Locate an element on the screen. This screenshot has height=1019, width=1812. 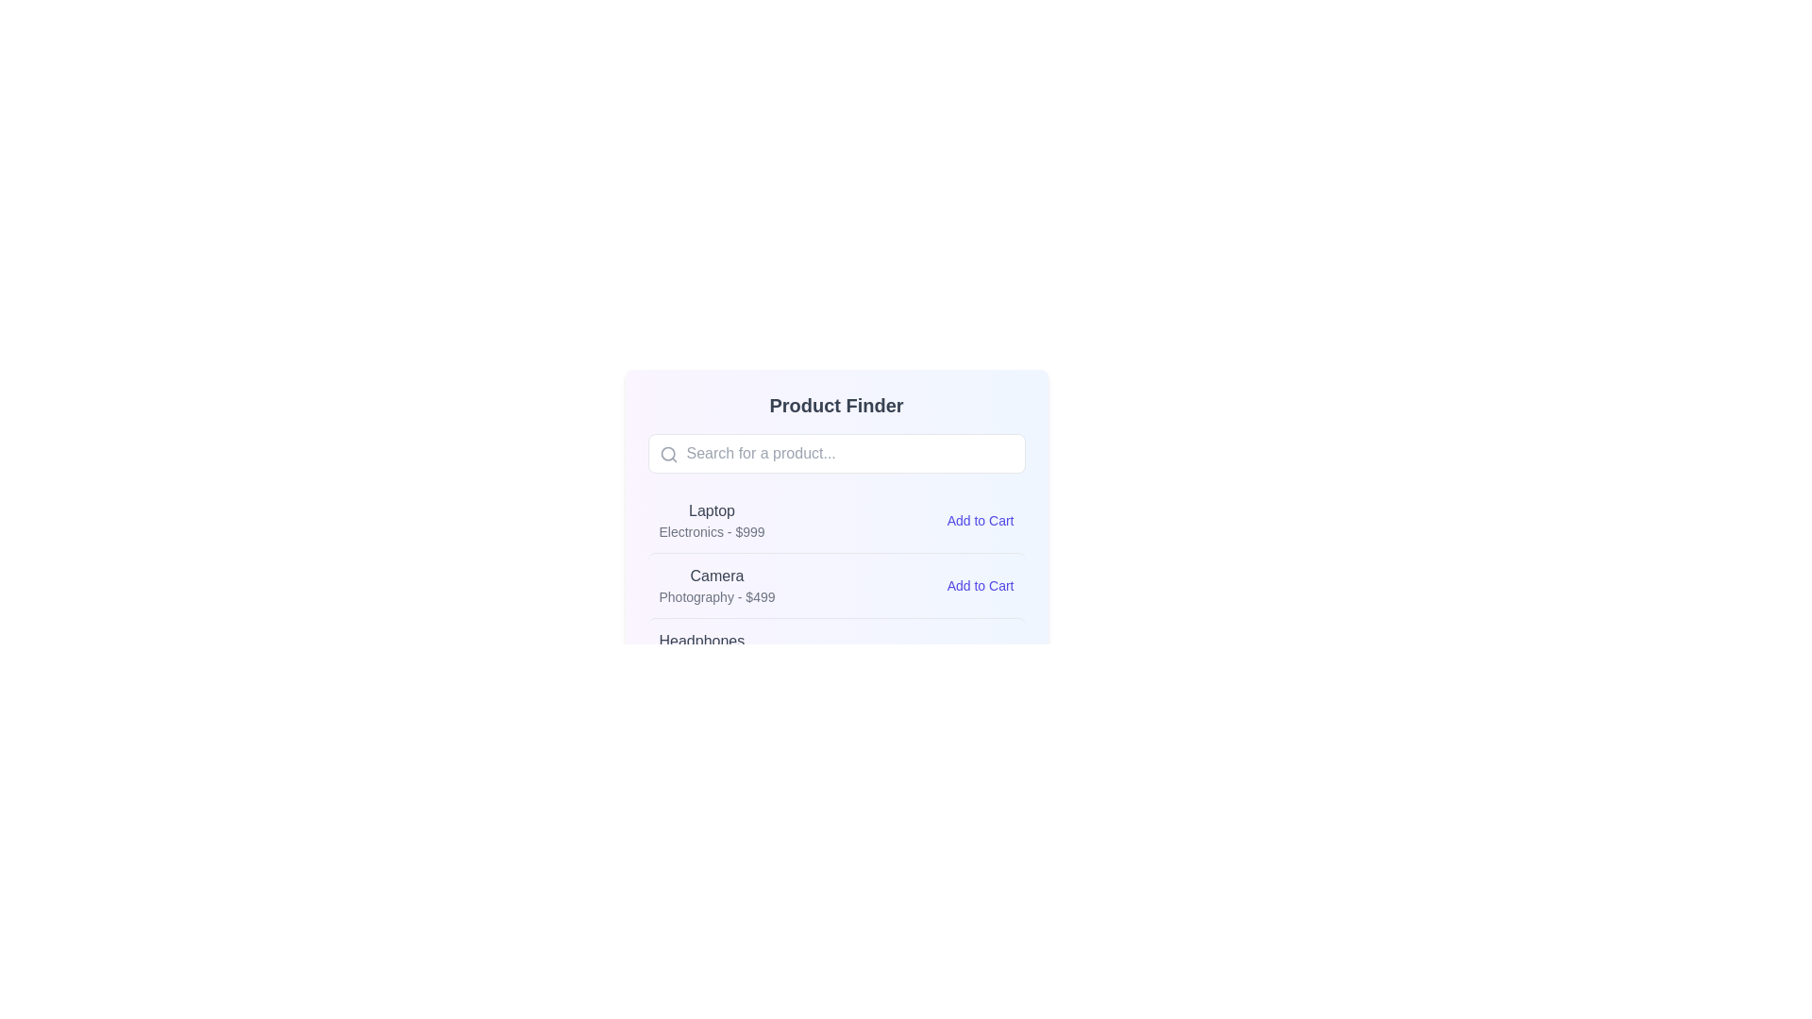
the Text Label that identifies the product 'Headphones' located in the lower part of the 'Product Finder' section, above the subordinate text 'Audio - $199' is located at coordinates (700, 640).